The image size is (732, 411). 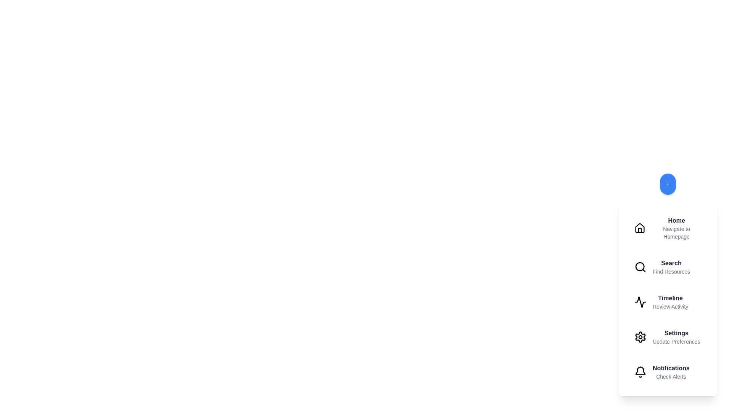 What do you see at coordinates (671, 377) in the screenshot?
I see `the descriptive text of the menu item labeled Notifications to select it` at bounding box center [671, 377].